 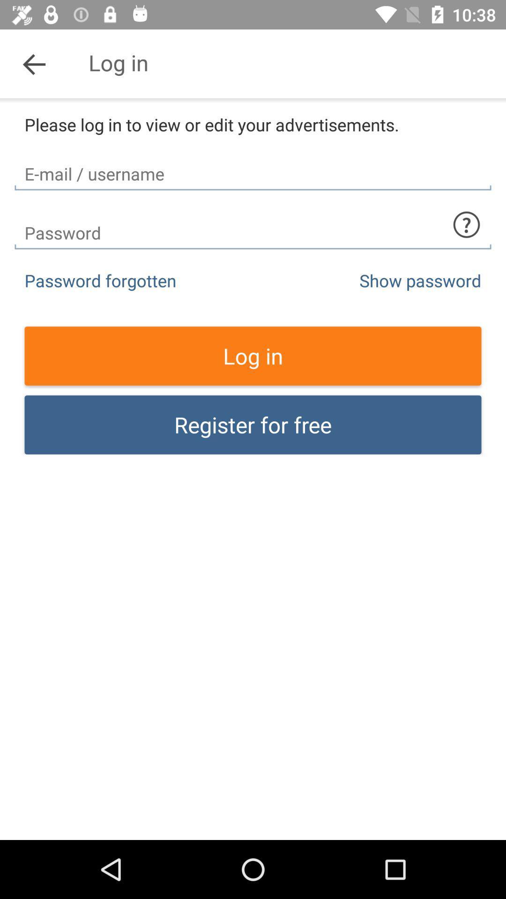 I want to click on the item below the log in icon, so click(x=253, y=424).